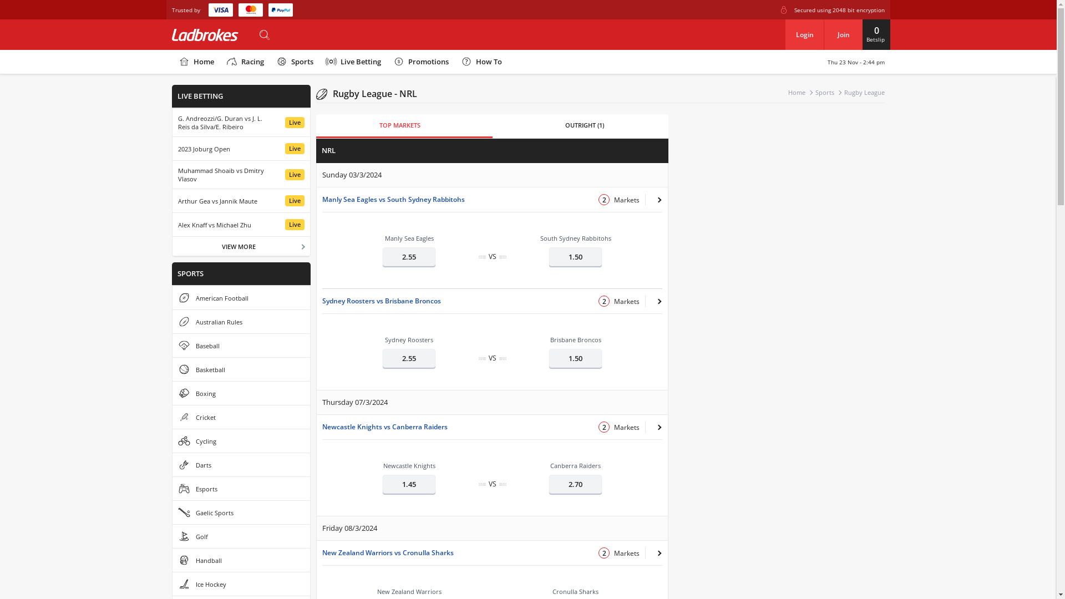 This screenshot has height=599, width=1065. Describe the element at coordinates (241, 201) in the screenshot. I see `'Arthur Gea vs Jannik Maute` at that location.